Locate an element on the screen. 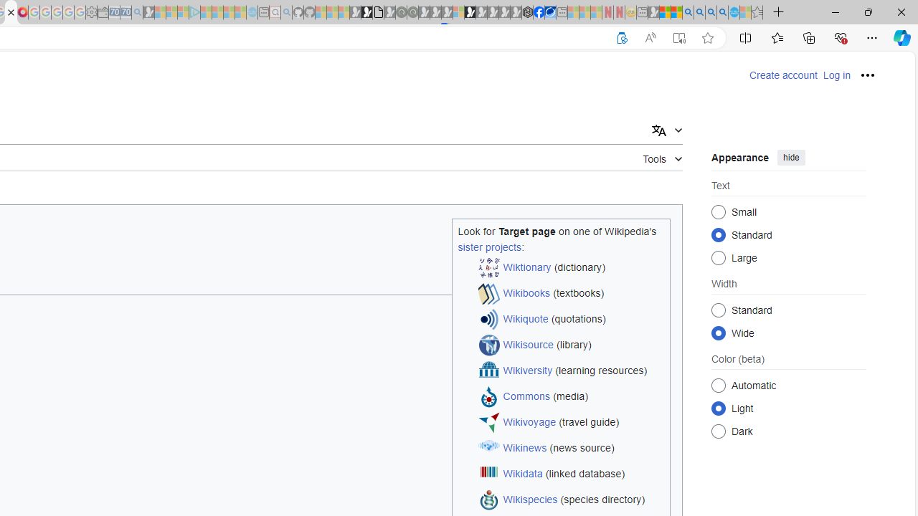 The width and height of the screenshot is (918, 516). 'Wikibooks' is located at coordinates (526, 292).